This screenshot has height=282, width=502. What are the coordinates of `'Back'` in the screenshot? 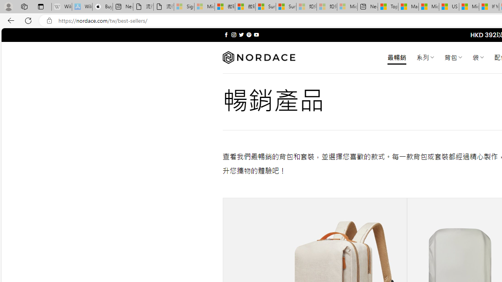 It's located at (9, 20).